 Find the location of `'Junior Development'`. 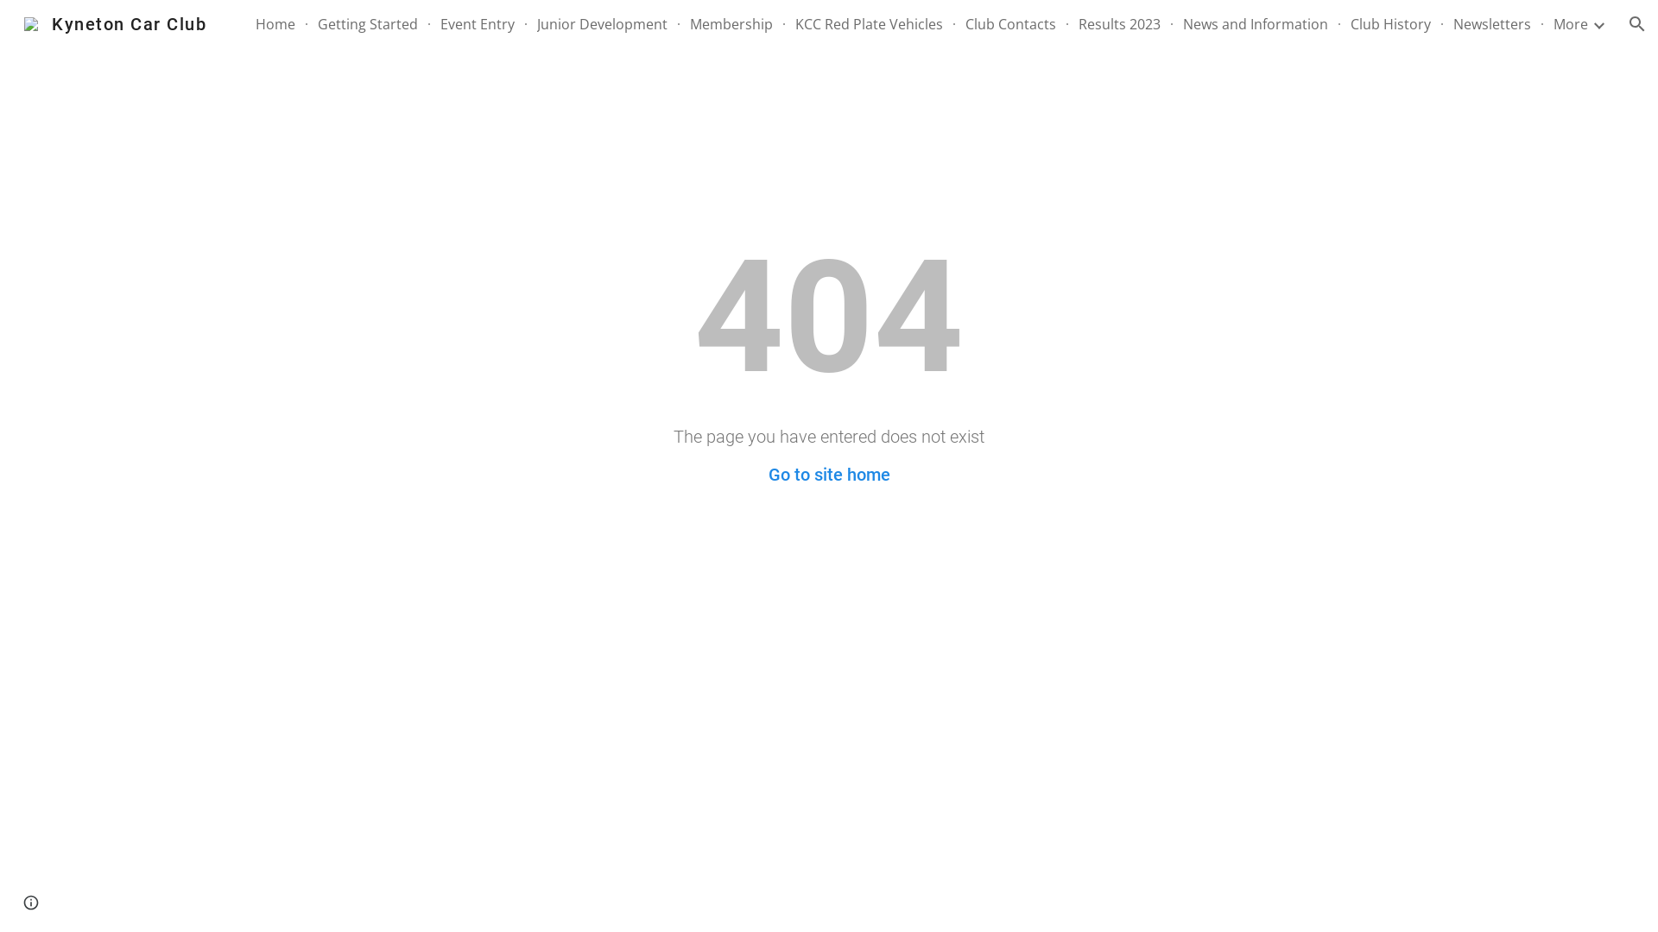

'Junior Development' is located at coordinates (602, 23).